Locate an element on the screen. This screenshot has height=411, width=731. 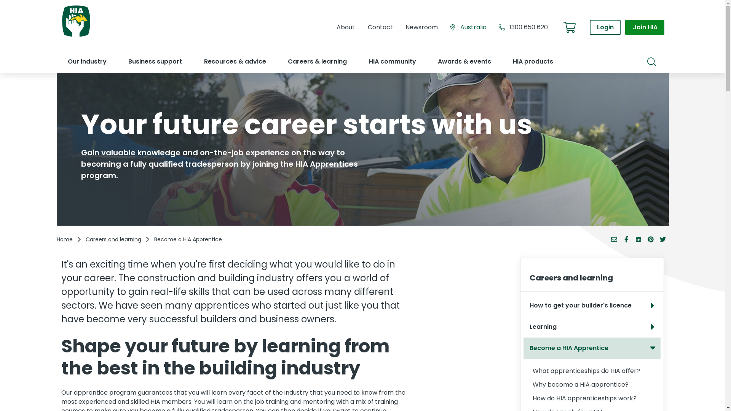
'Awards & events' is located at coordinates (464, 61).